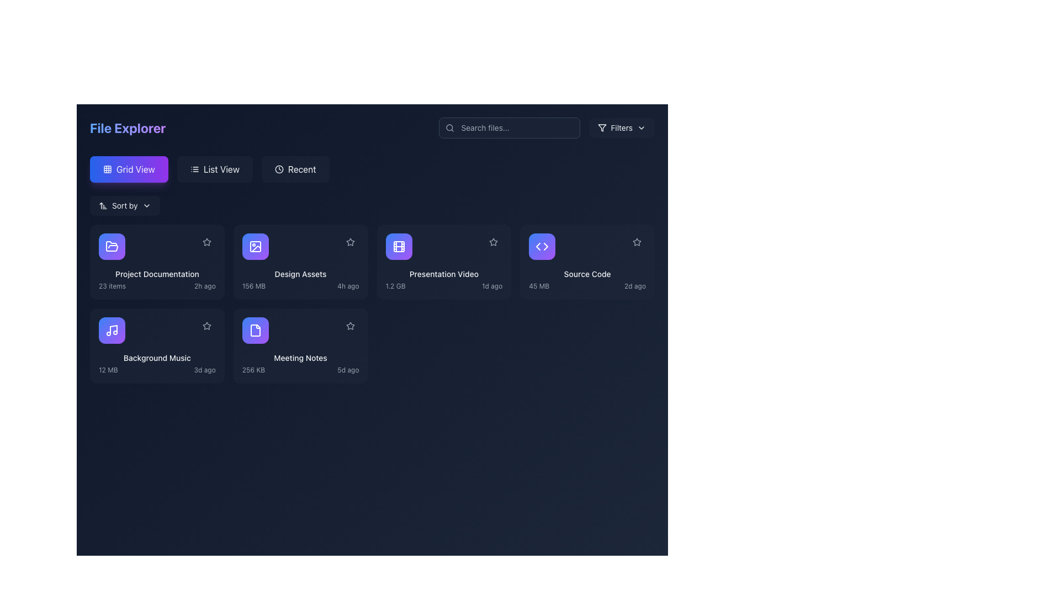 The width and height of the screenshot is (1060, 596). Describe the element at coordinates (194, 169) in the screenshot. I see `the 'List View' icon in the File Explorer to switch the display mode to a list layout` at that location.